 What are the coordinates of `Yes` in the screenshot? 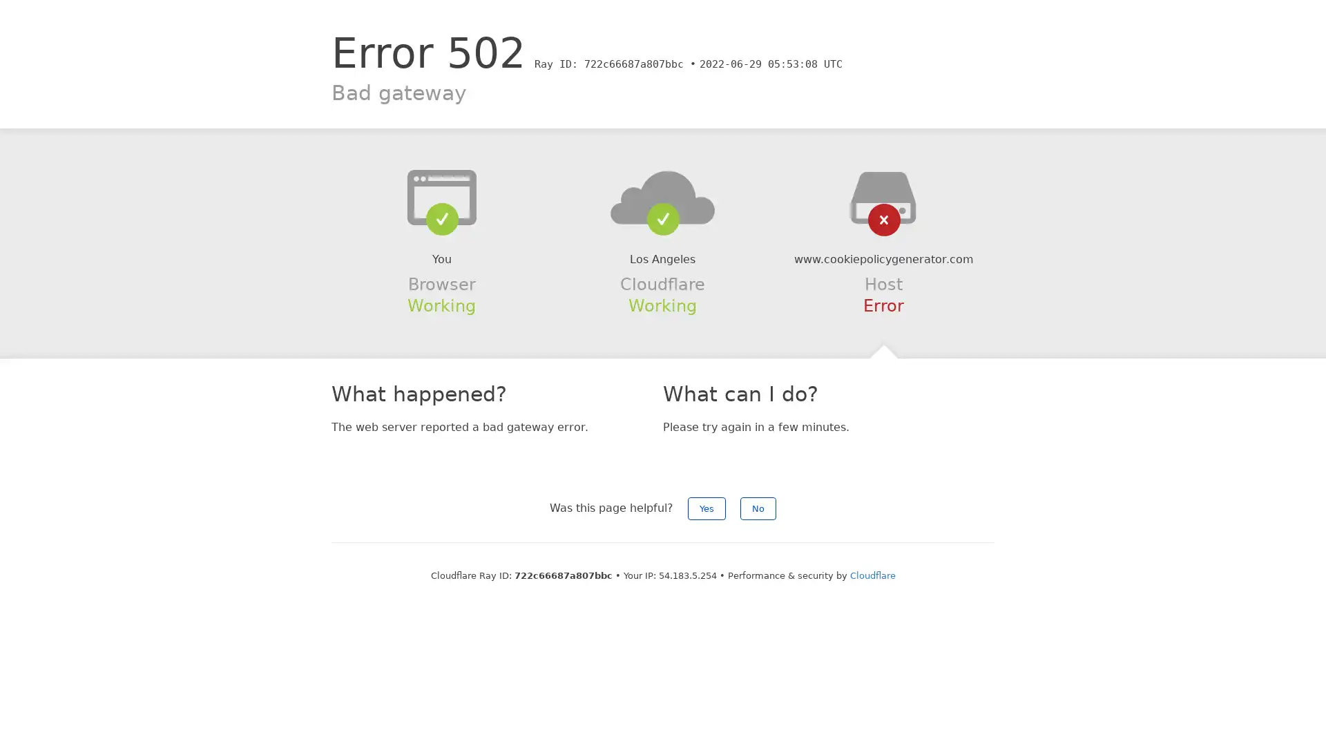 It's located at (707, 508).